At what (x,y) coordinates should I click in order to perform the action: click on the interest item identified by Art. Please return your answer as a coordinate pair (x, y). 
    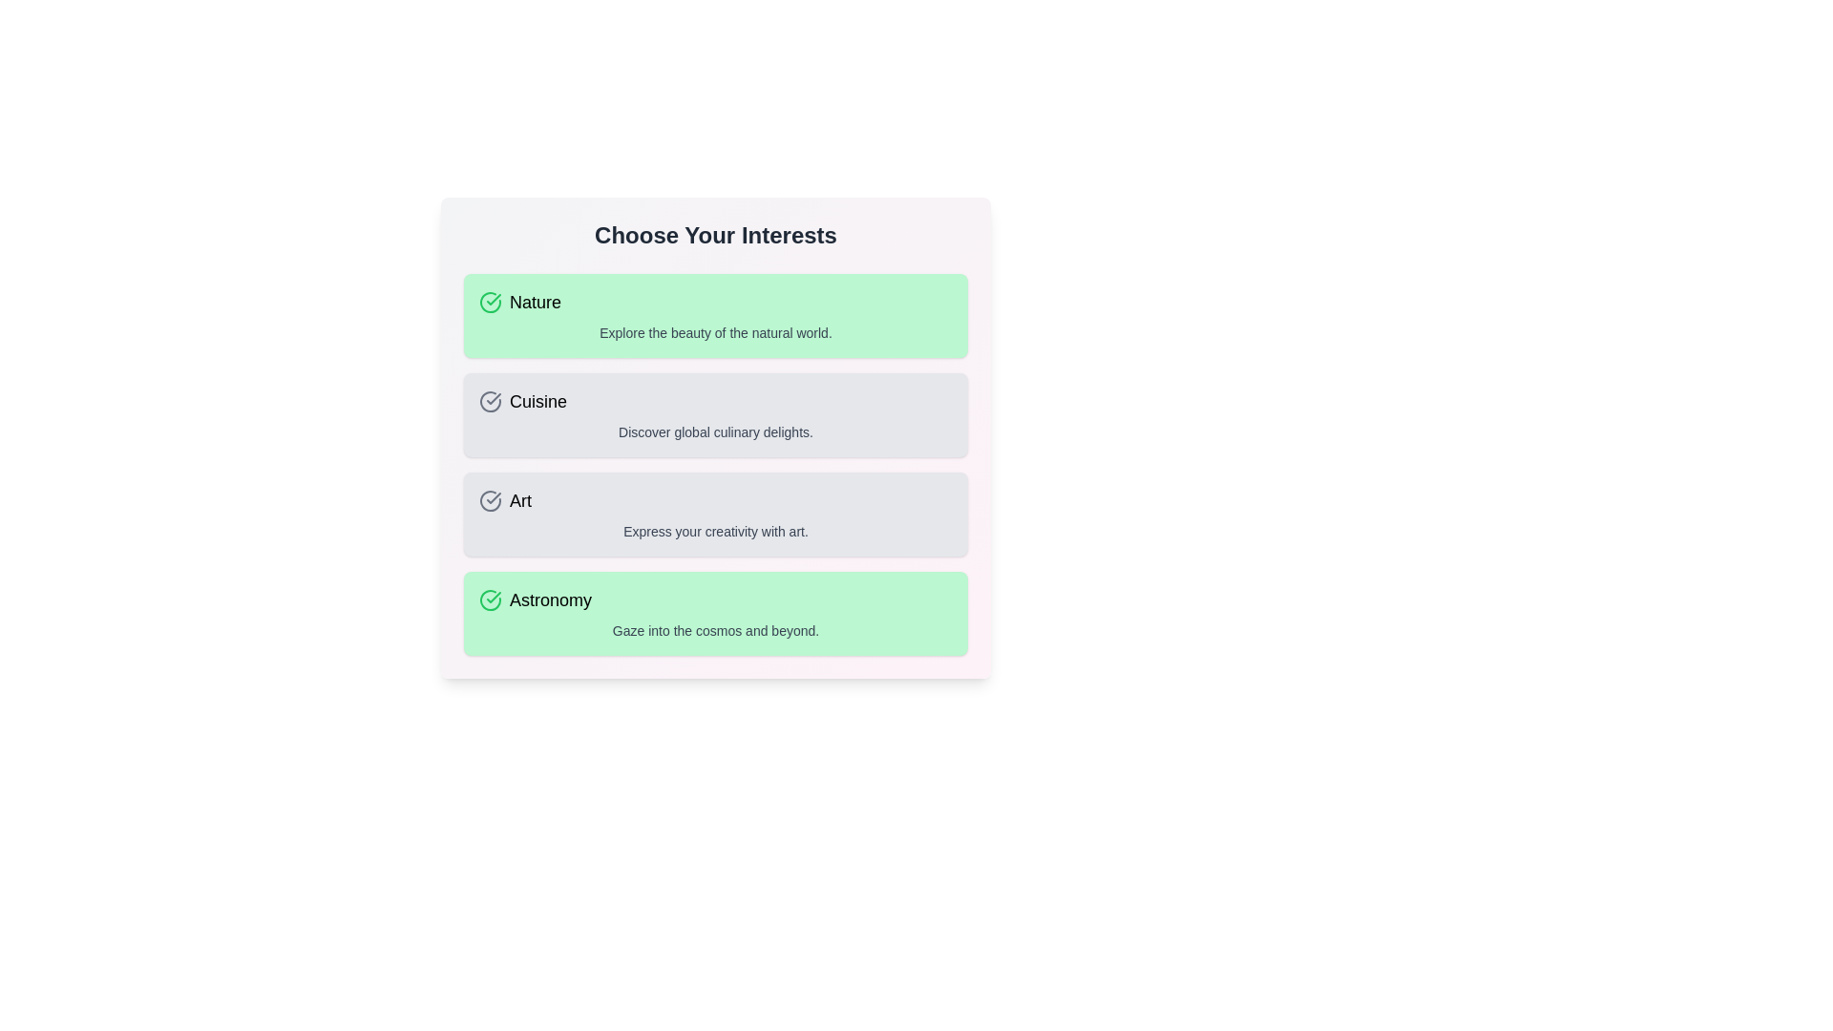
    Looking at the image, I should click on (714, 514).